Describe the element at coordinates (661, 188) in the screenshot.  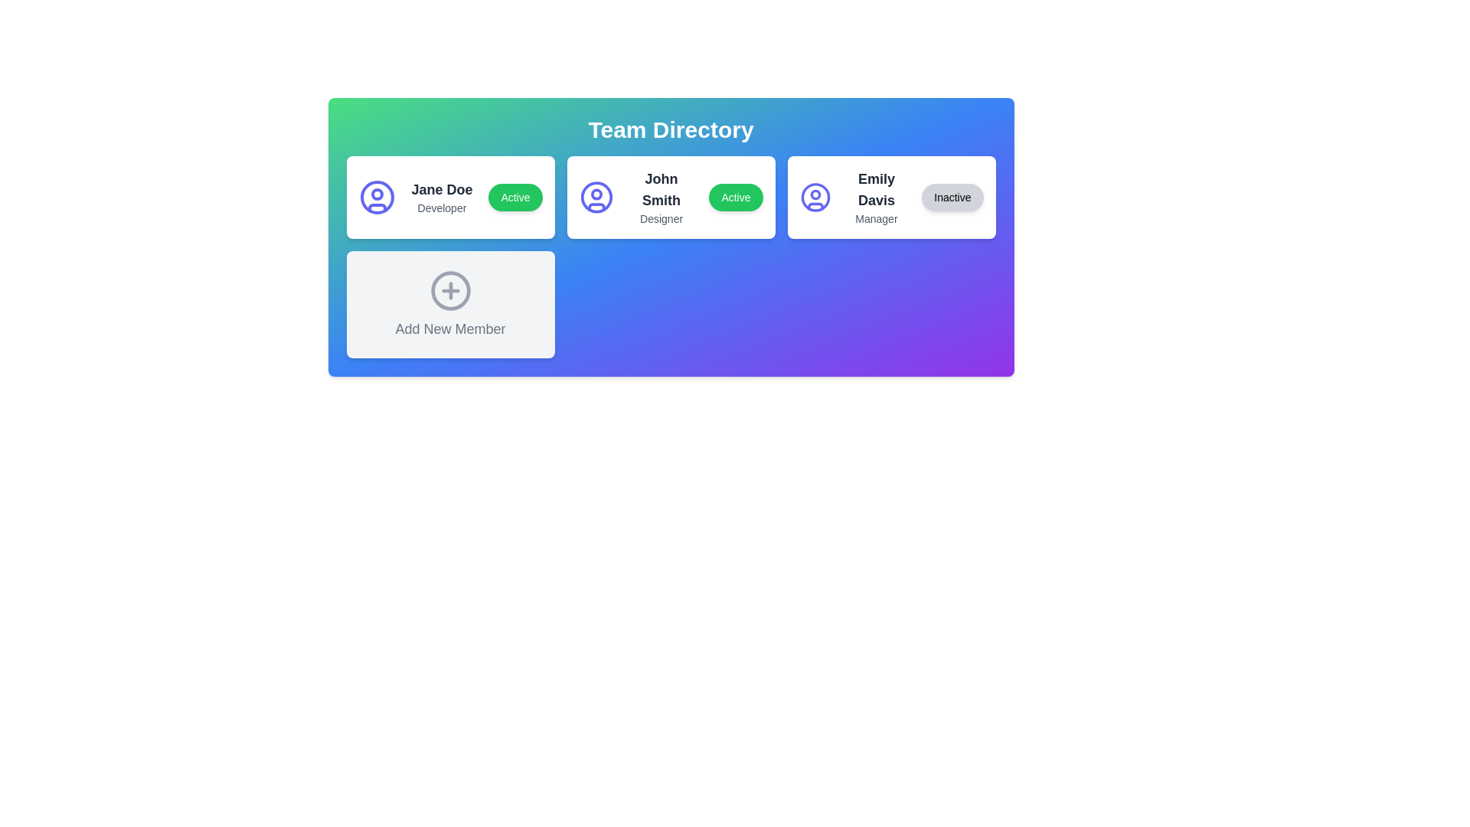
I see `the text element displaying the name 'John Smith' which is bold, large-sized, and centrally aligned in the 'Team Directory' section` at that location.